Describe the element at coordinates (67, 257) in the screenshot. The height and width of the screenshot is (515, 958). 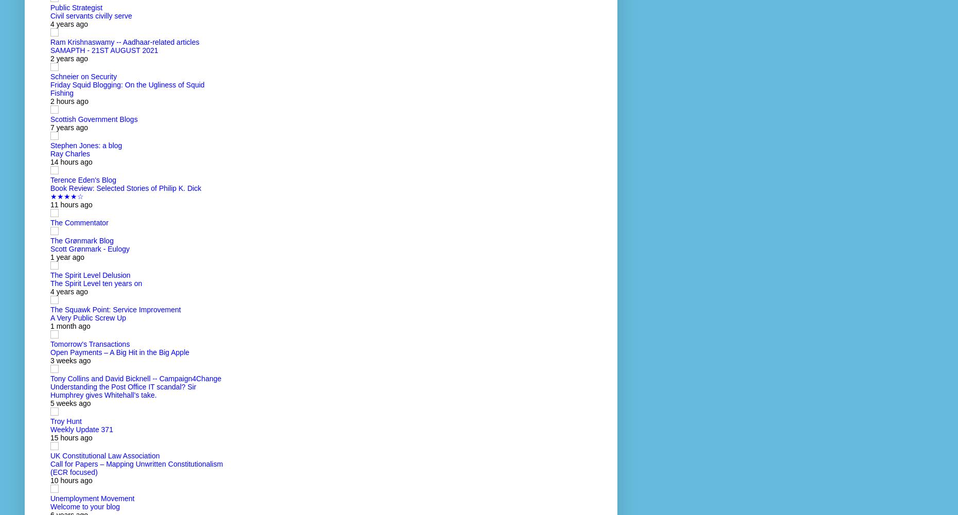
I see `'1 year ago'` at that location.